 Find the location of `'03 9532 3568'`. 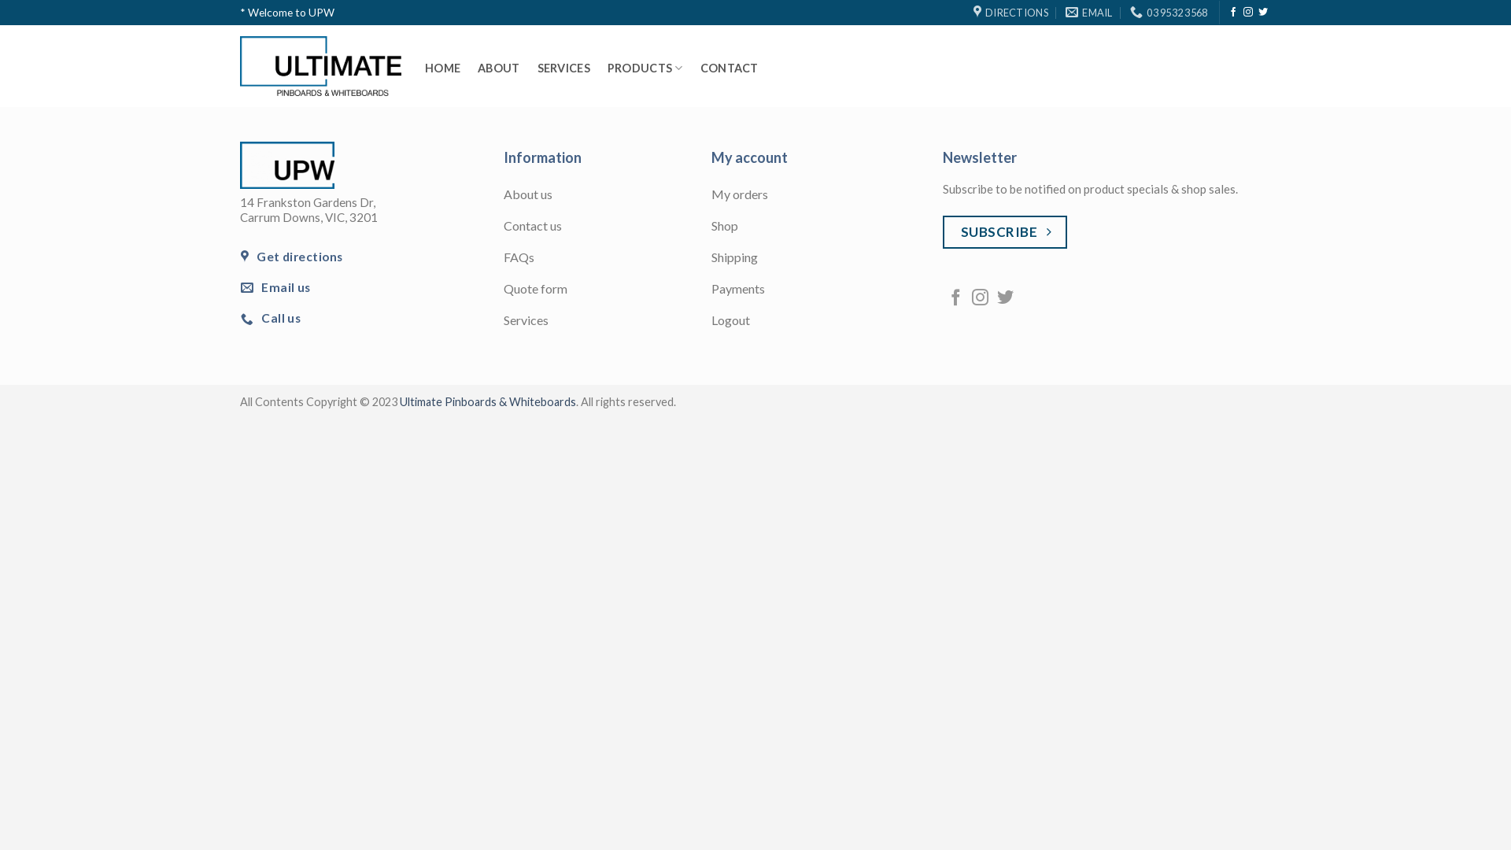

'03 9532 3568' is located at coordinates (1168, 12).